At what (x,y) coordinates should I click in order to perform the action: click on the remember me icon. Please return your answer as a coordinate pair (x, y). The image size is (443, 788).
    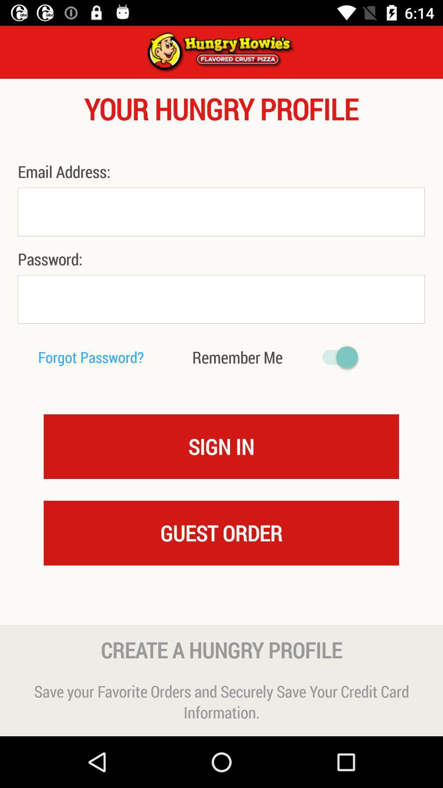
    Looking at the image, I should click on (237, 357).